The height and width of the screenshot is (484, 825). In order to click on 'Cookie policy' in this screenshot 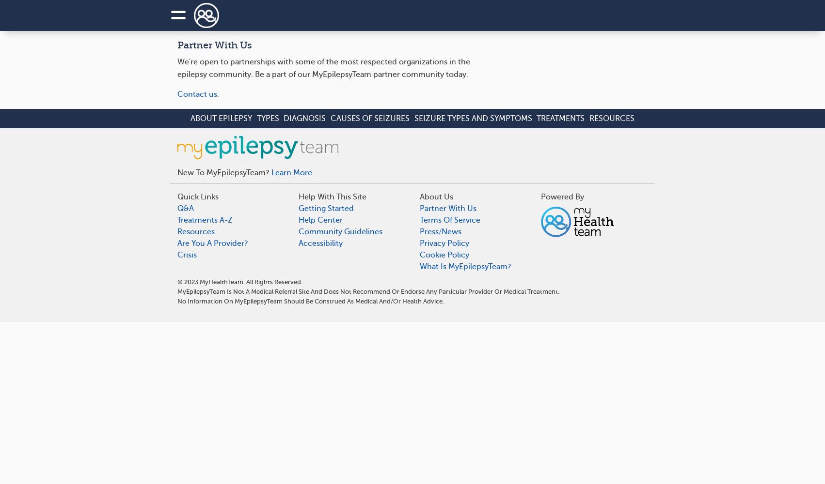, I will do `click(444, 255)`.